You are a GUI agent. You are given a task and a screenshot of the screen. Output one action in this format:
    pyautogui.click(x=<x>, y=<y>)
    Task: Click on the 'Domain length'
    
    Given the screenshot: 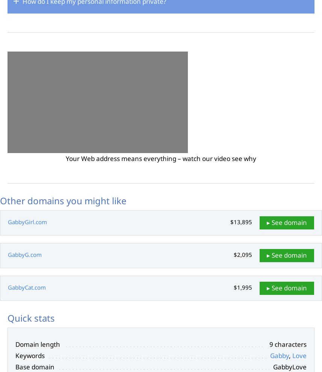 What is the action you would take?
    pyautogui.click(x=38, y=344)
    